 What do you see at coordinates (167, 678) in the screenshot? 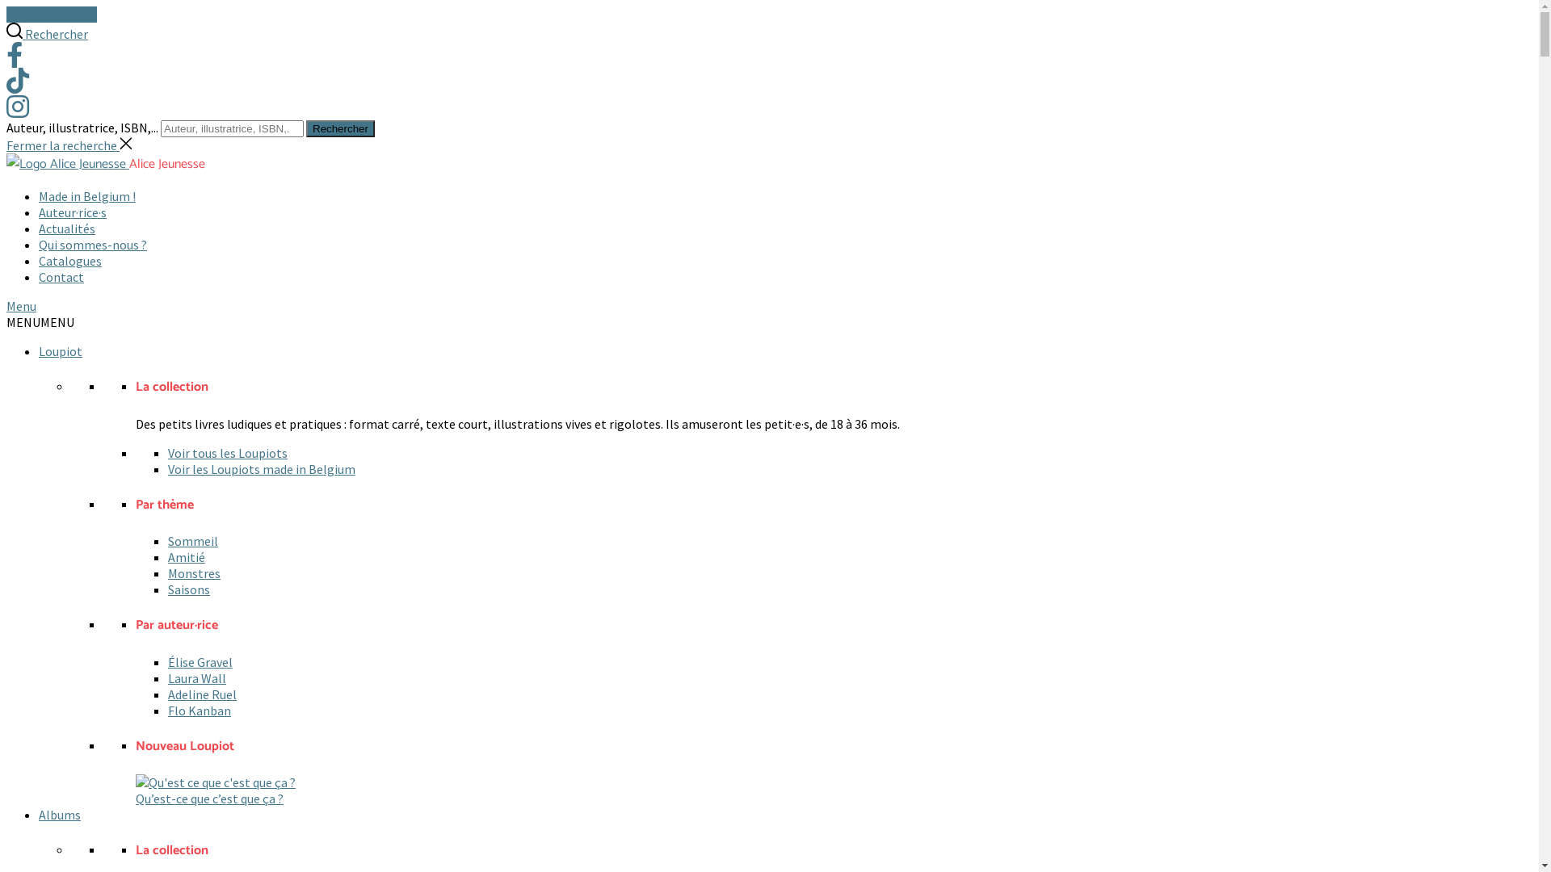
I see `'Laura Wall'` at bounding box center [167, 678].